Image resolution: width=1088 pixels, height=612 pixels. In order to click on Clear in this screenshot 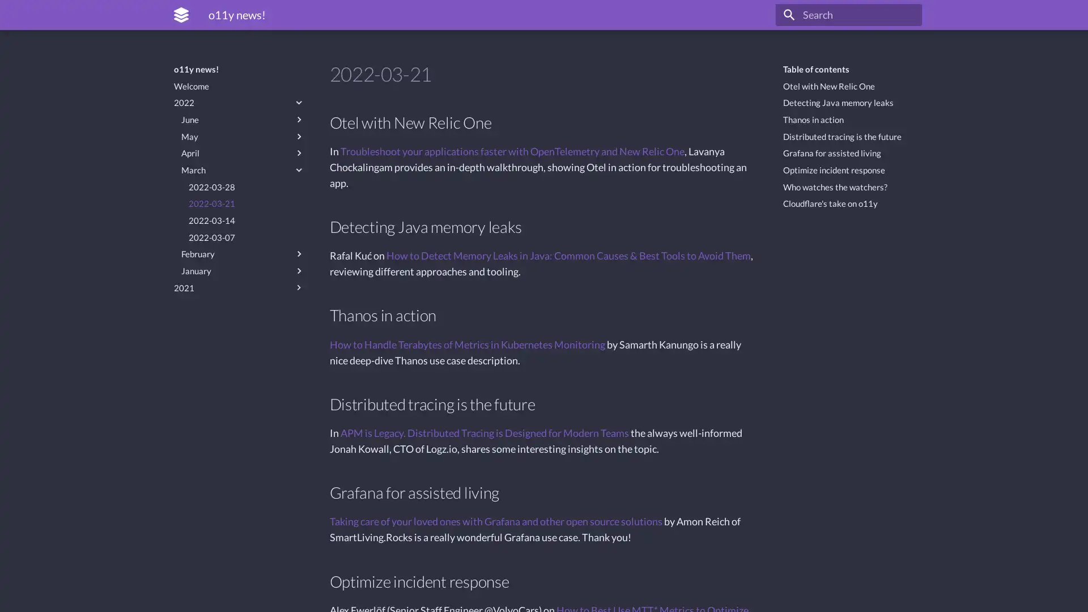, I will do `click(908, 15)`.